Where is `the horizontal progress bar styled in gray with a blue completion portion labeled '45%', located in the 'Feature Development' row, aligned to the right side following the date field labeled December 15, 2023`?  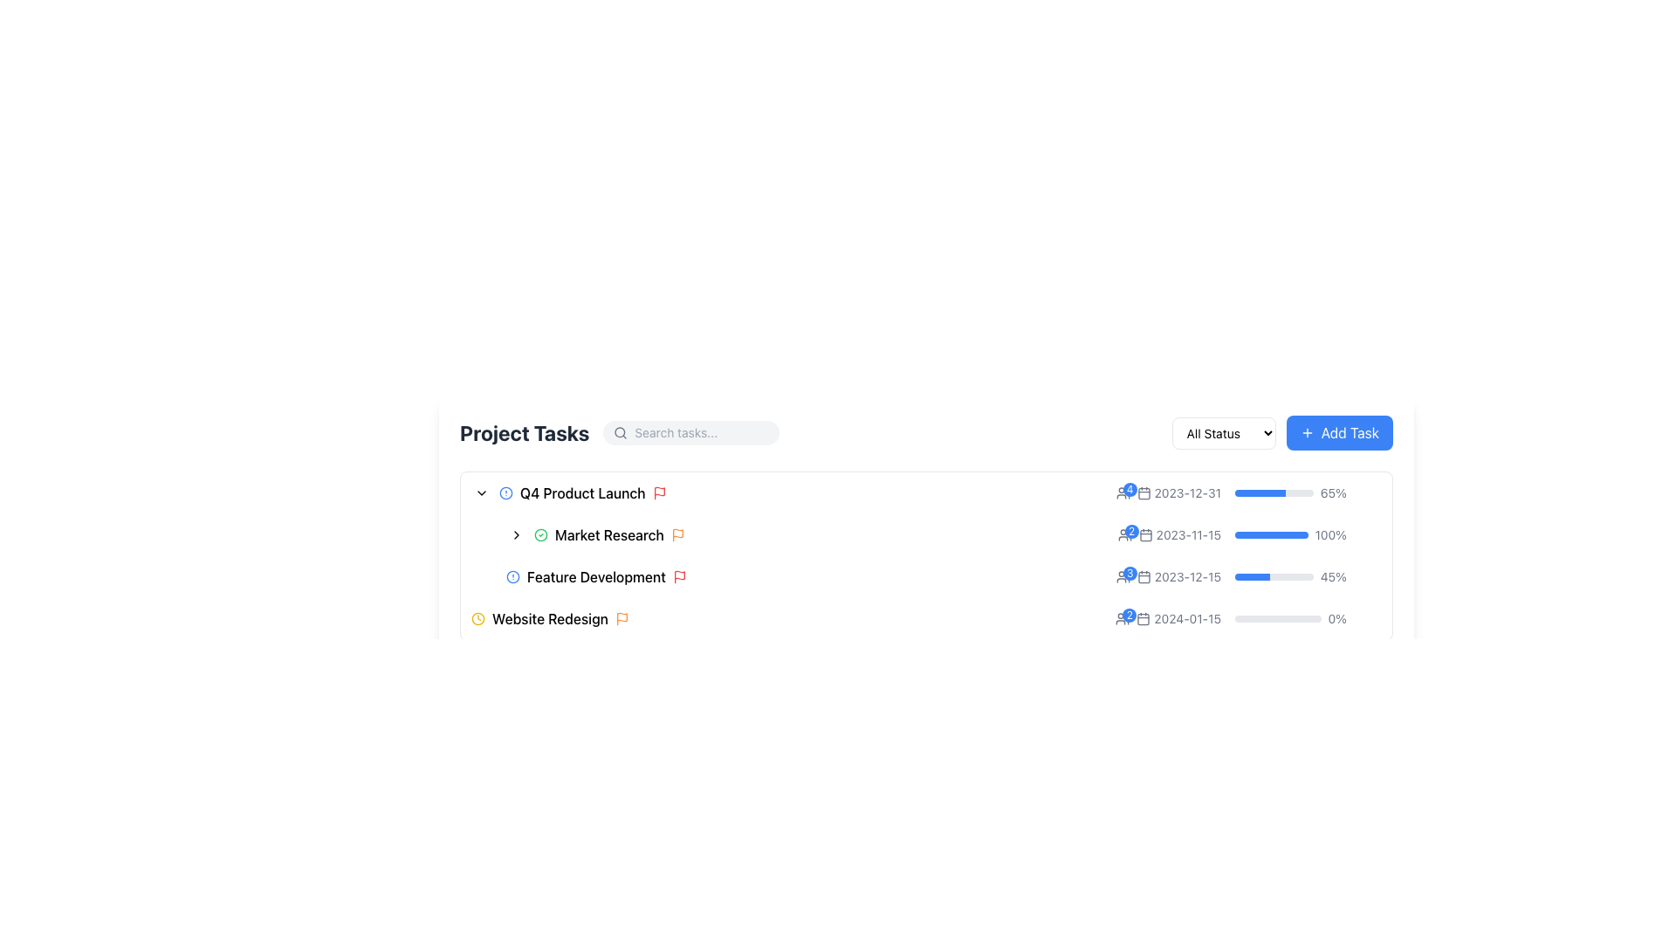 the horizontal progress bar styled in gray with a blue completion portion labeled '45%', located in the 'Feature Development' row, aligned to the right side following the date field labeled December 15, 2023 is located at coordinates (1247, 576).